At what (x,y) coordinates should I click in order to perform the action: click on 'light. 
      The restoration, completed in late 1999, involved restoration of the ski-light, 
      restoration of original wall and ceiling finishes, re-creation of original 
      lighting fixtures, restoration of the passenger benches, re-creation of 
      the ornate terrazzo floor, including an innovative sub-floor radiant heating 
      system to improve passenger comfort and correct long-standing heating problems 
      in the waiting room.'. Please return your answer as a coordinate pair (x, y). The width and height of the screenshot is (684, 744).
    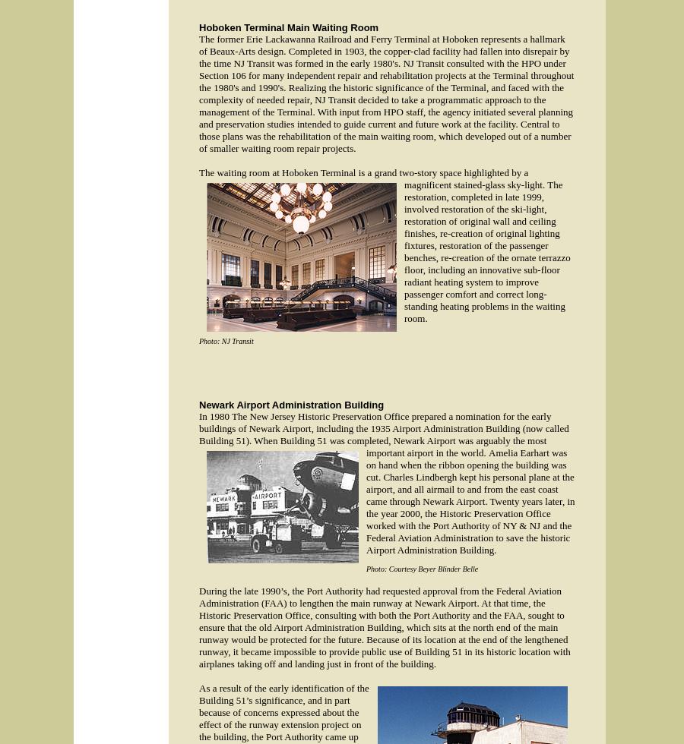
    Looking at the image, I should click on (486, 251).